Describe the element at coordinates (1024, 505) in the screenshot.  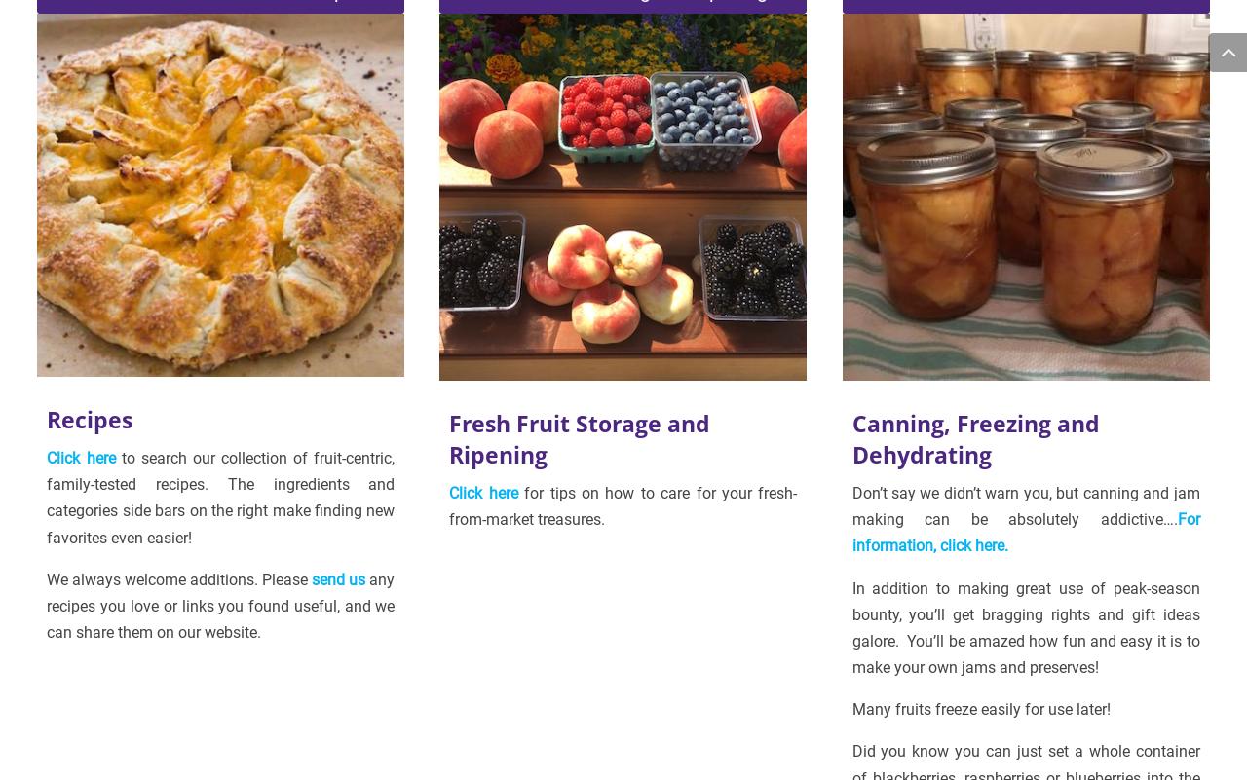
I see `'Don’t say we didn’t warn you, but canning and jam making can be absolutely addictive….'` at that location.